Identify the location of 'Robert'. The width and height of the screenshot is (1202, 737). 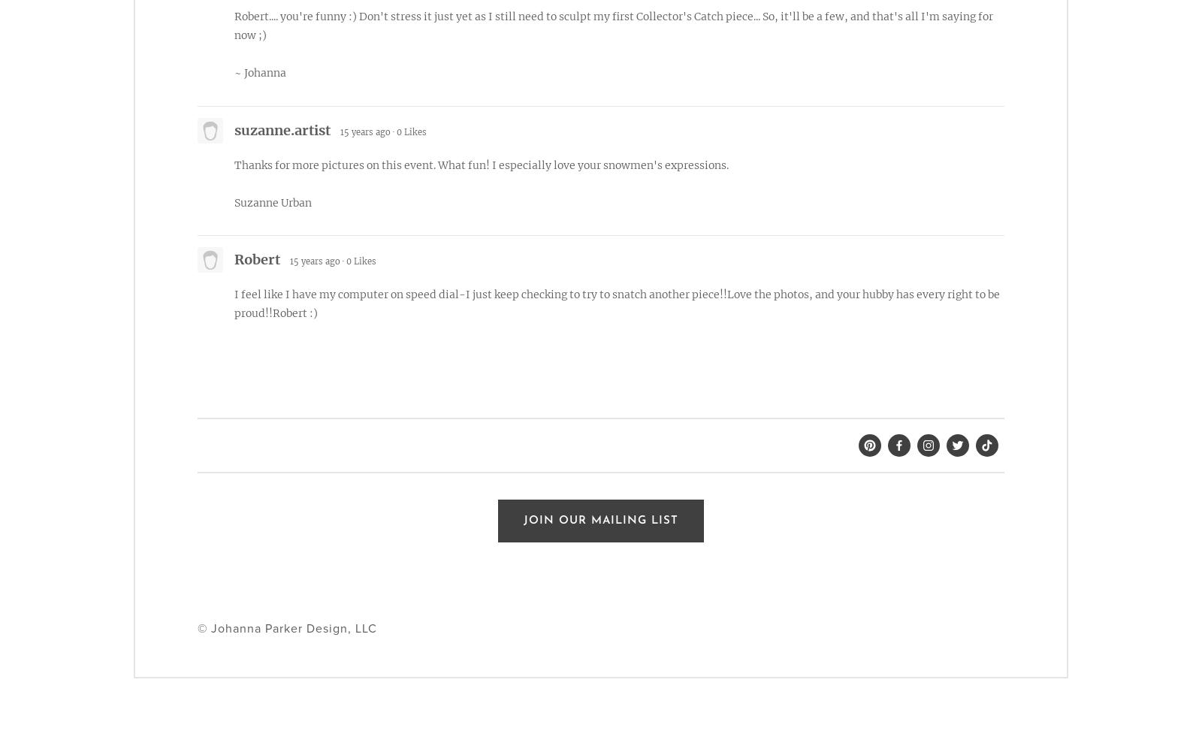
(257, 258).